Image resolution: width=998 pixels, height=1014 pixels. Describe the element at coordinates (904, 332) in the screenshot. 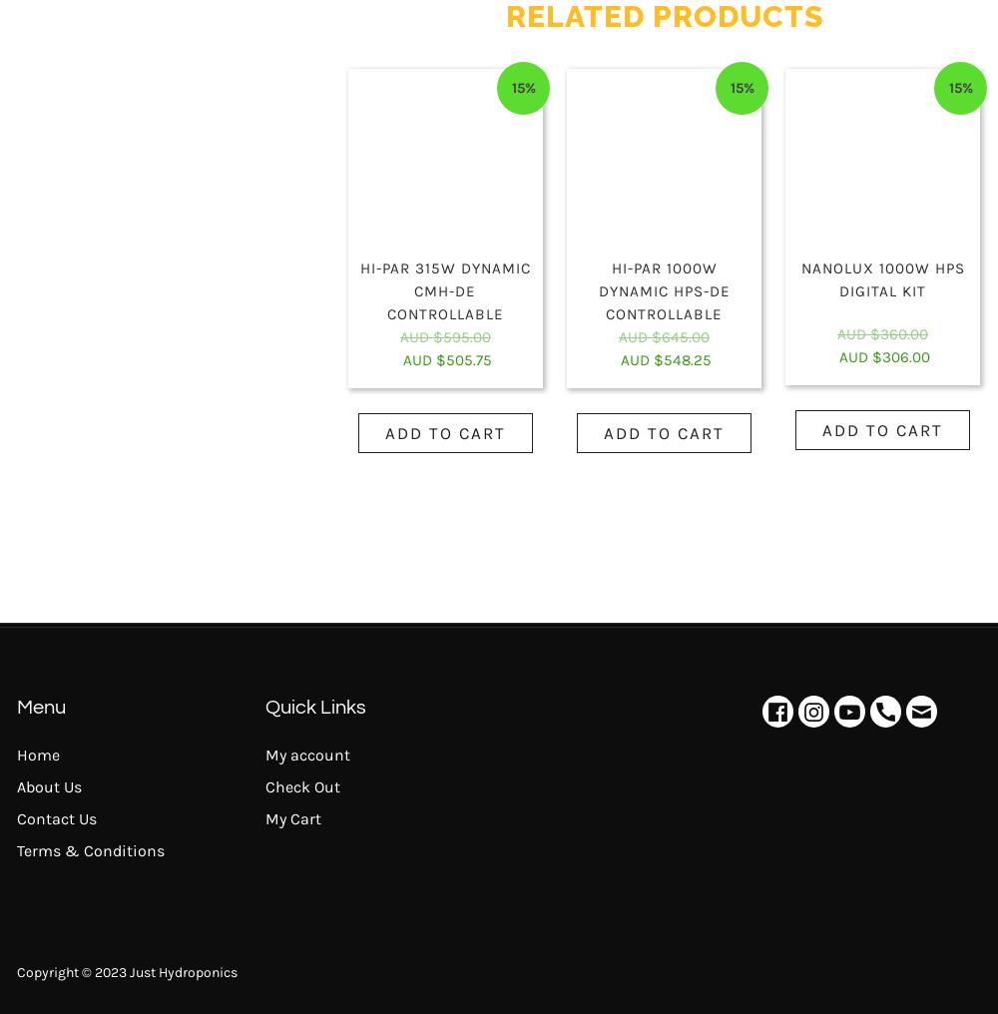

I see `'360.00'` at that location.